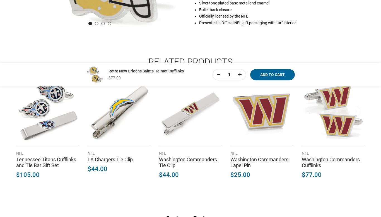 This screenshot has width=381, height=217. Describe the element at coordinates (187, 162) in the screenshot. I see `'Washington Commanders Tie Clip'` at that location.